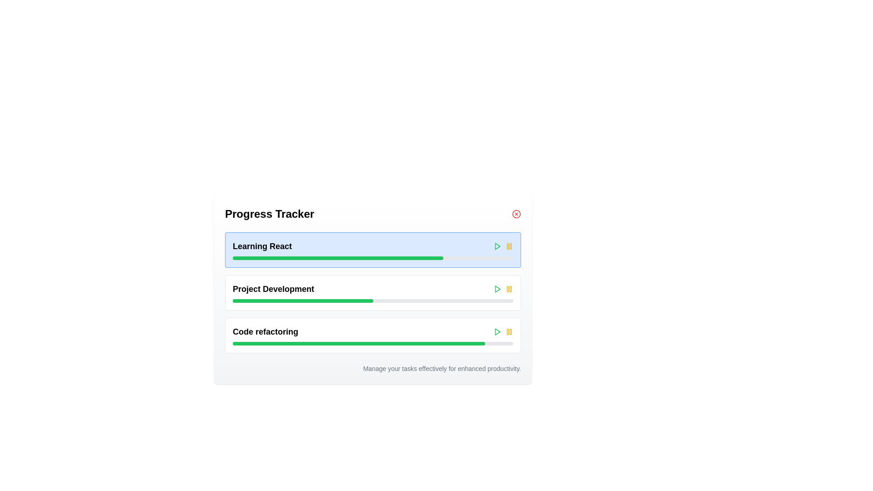 The width and height of the screenshot is (873, 491). Describe the element at coordinates (303, 301) in the screenshot. I see `the progress indicator bar for the 'Project Development' task, which is located within the second progress bar and occupies 50% of its width` at that location.